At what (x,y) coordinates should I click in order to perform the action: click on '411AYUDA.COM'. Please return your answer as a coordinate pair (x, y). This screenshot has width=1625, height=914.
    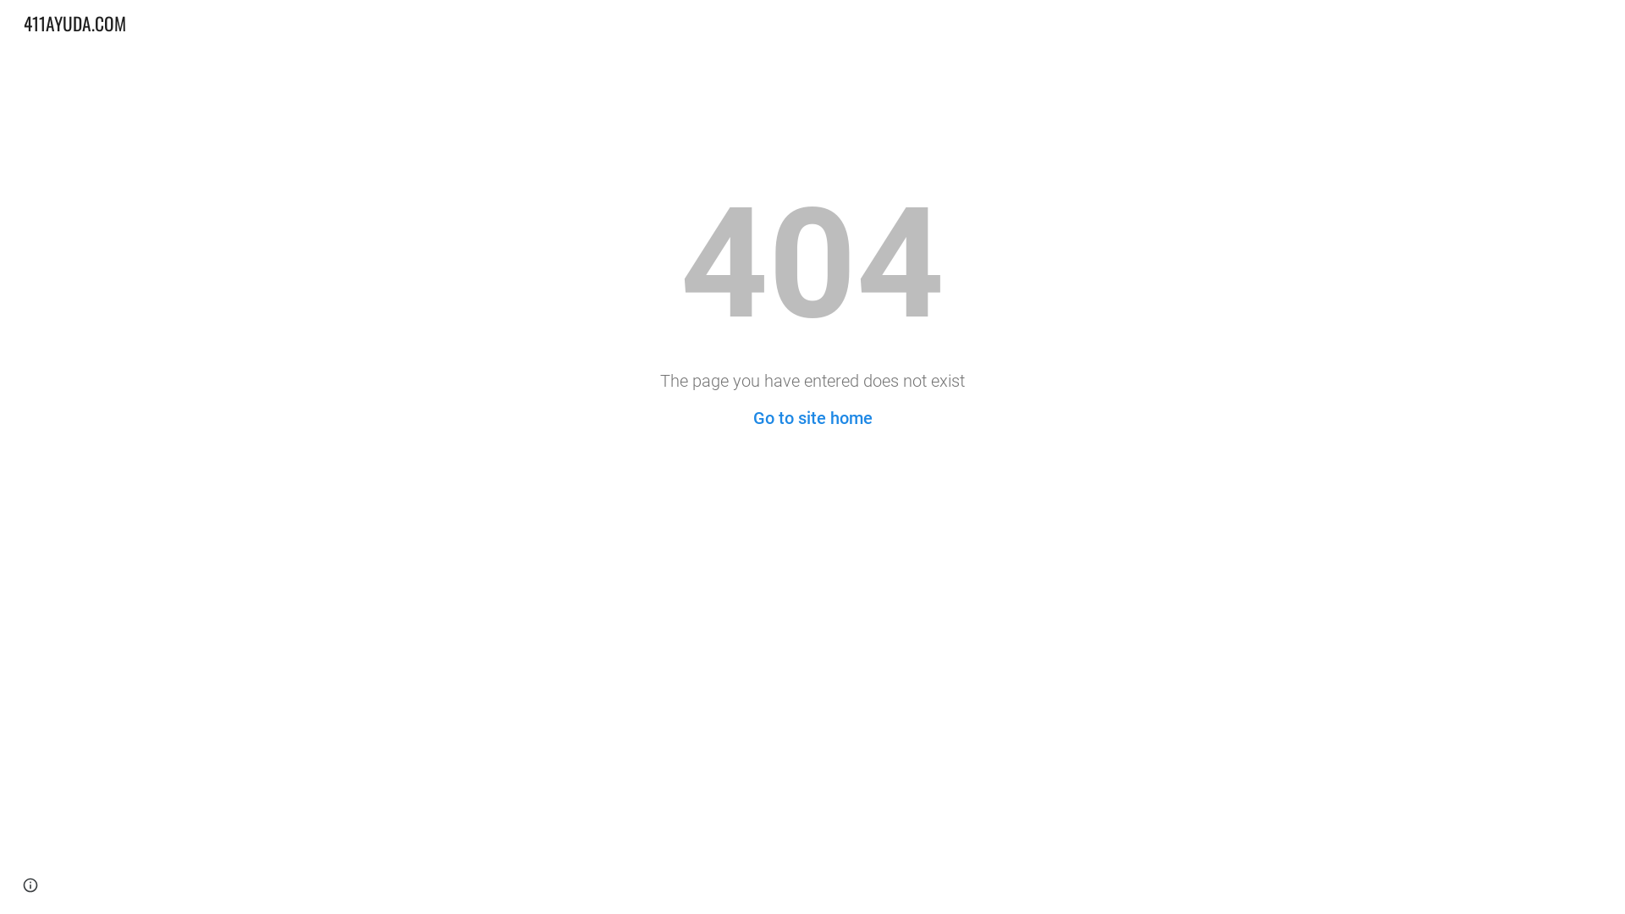
    Looking at the image, I should click on (74, 20).